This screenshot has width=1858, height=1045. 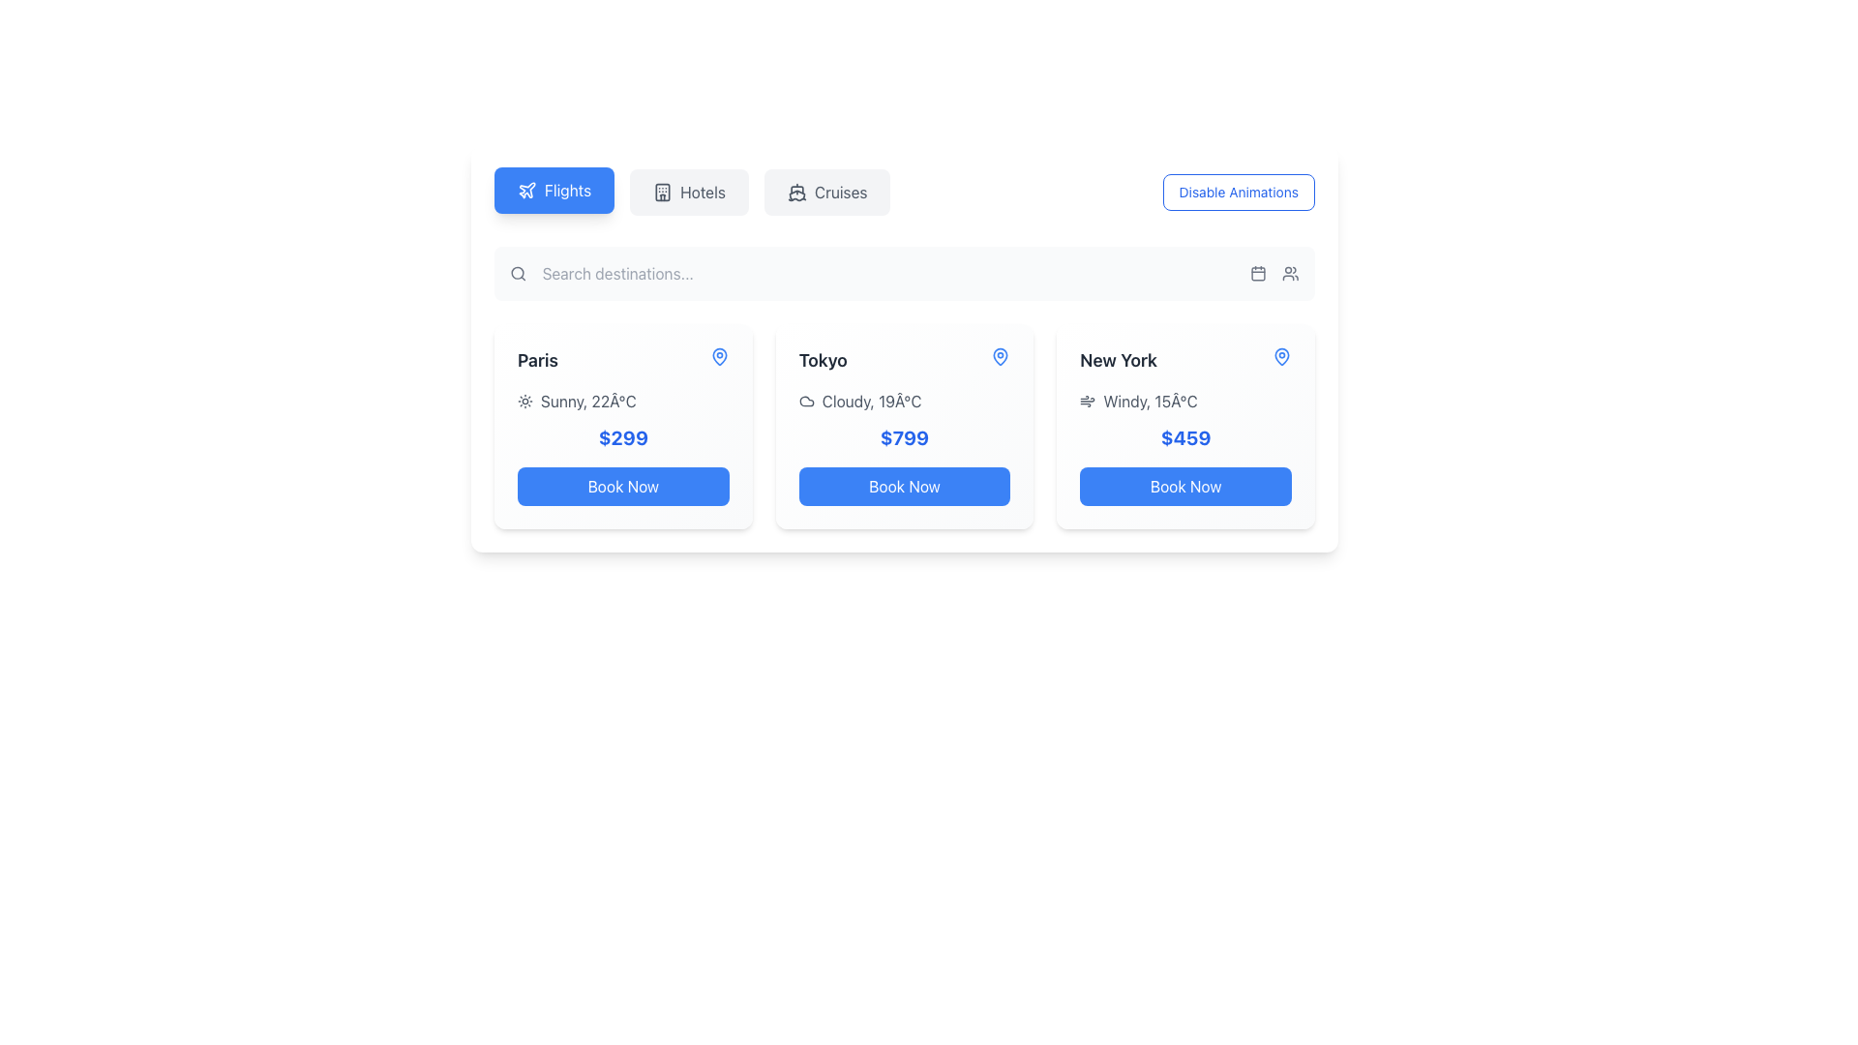 I want to click on the small ship icon located within the 'Cruises' button in the top navigation bar, so click(x=796, y=193).